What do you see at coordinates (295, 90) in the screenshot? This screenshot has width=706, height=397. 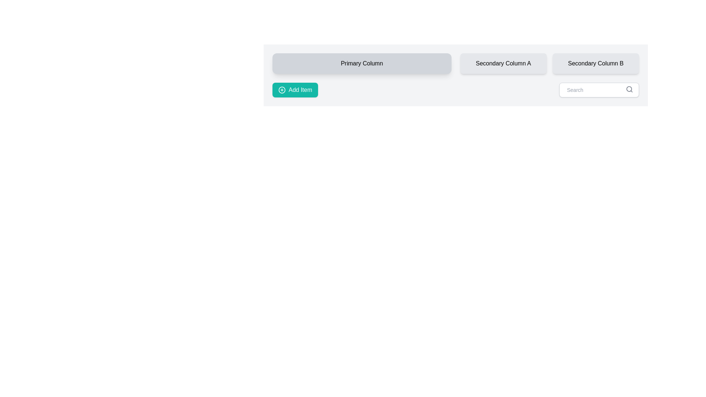 I see `the 'Add Item' button, which is a teal rounded rectangle with white text and a plus icon, located below the 'Primary Column' section header` at bounding box center [295, 90].